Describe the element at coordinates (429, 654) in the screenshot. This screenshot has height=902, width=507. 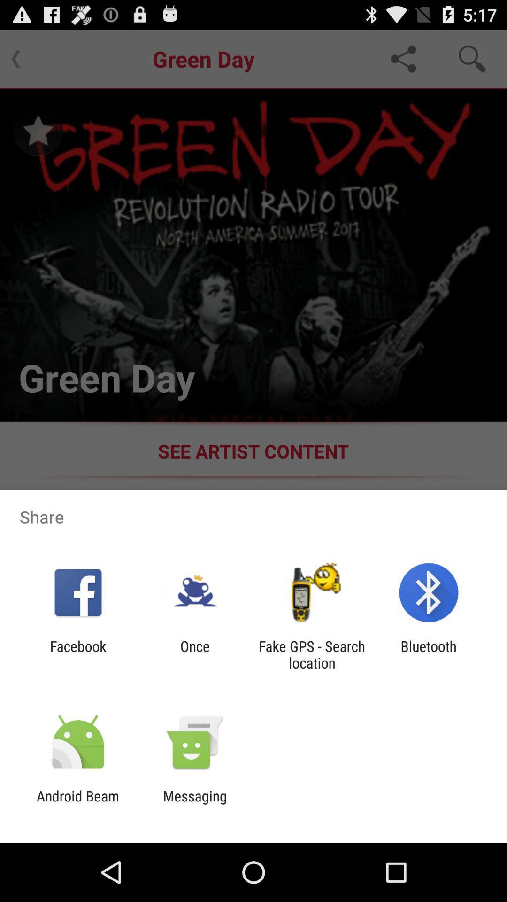
I see `item to the right of the fake gps search` at that location.